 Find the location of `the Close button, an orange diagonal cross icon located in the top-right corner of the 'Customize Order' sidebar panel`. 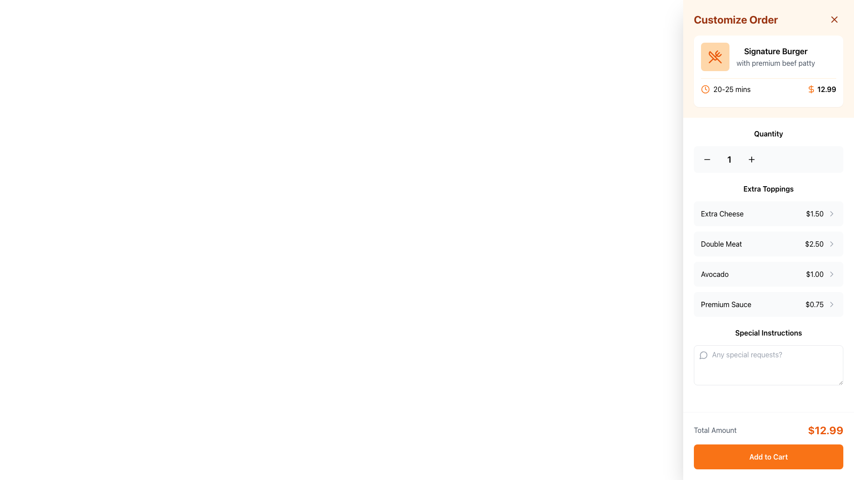

the Close button, an orange diagonal cross icon located in the top-right corner of the 'Customize Order' sidebar panel is located at coordinates (834, 19).